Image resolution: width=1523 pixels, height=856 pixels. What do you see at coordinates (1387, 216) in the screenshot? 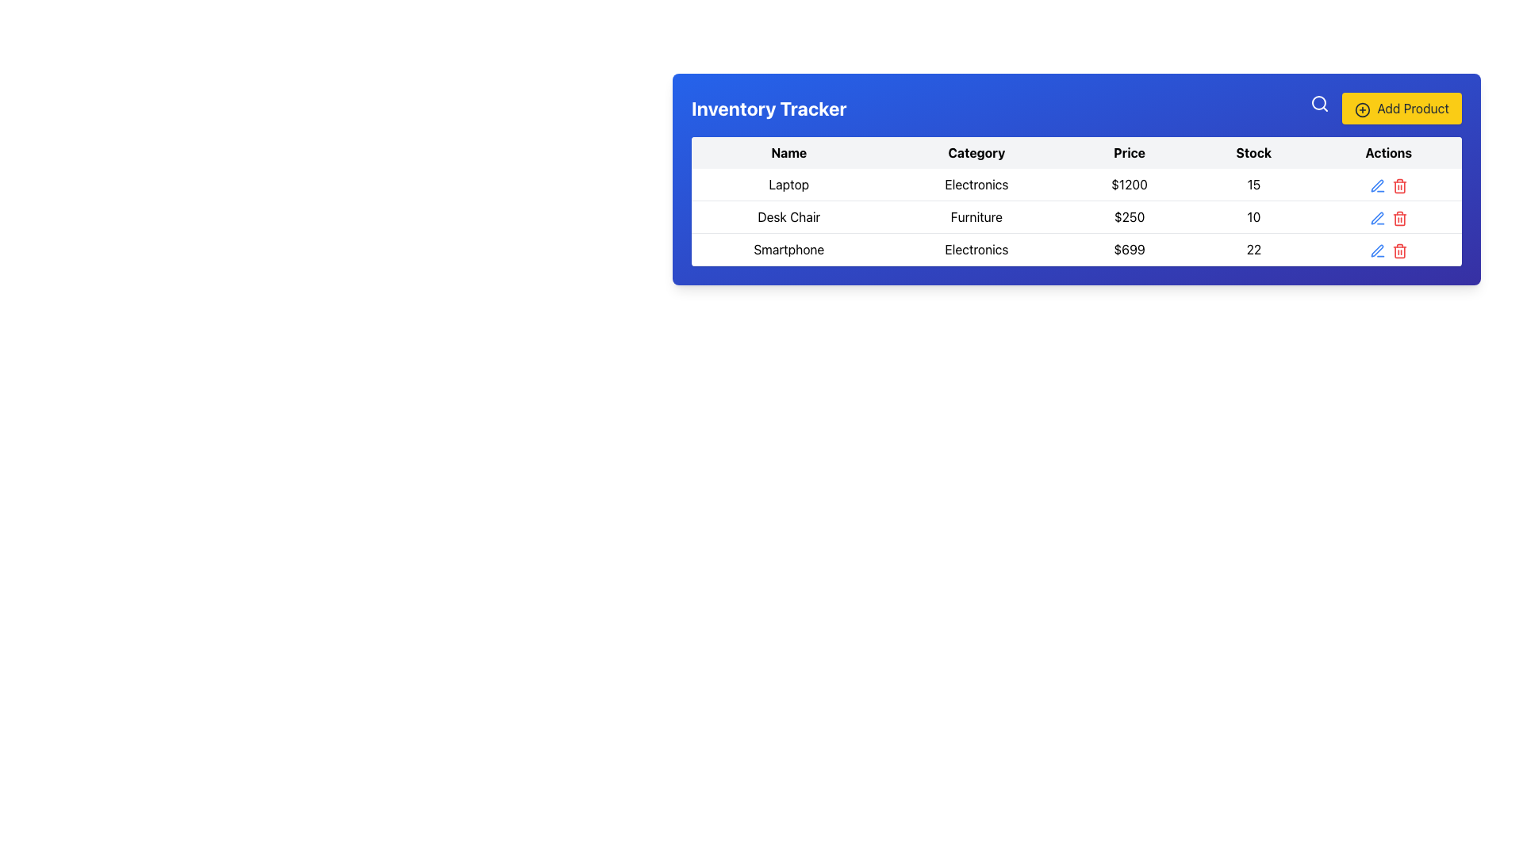
I see `the red trash can icon in the group of interactive icons located in the 'Actions' column of the second row corresponding to the 'Desk Chair' item` at bounding box center [1387, 216].